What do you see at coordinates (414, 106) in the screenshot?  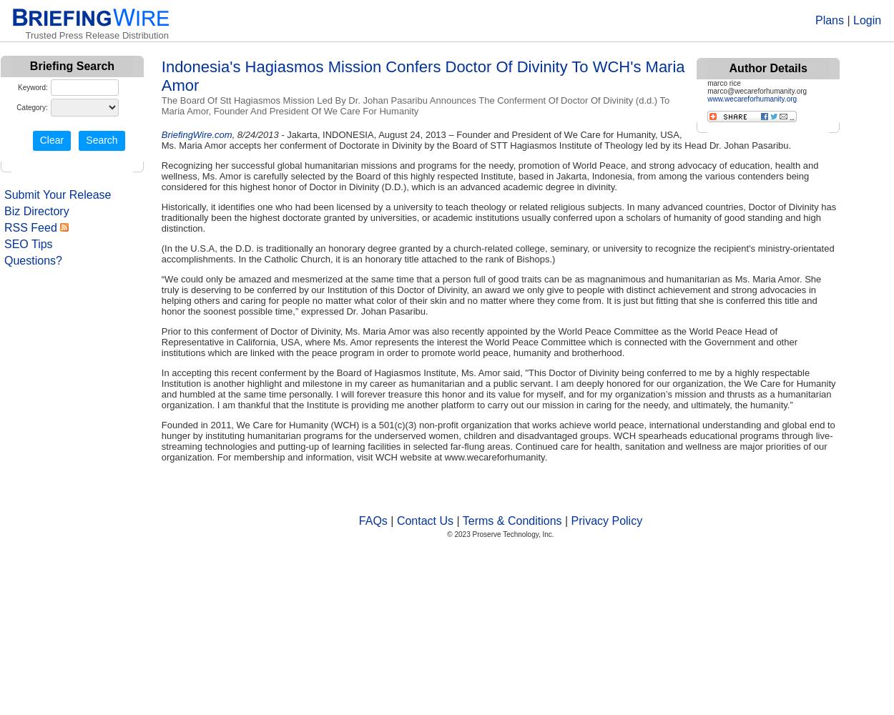 I see `'The Board Of Stt Hagiasmos Mission Led By Dr. Johan Pasaribu Announces The Conferment Of Doctor Of Divinity (d.d.) To  Maria Amor, Founder And President Of We Care For Humanity'` at bounding box center [414, 106].